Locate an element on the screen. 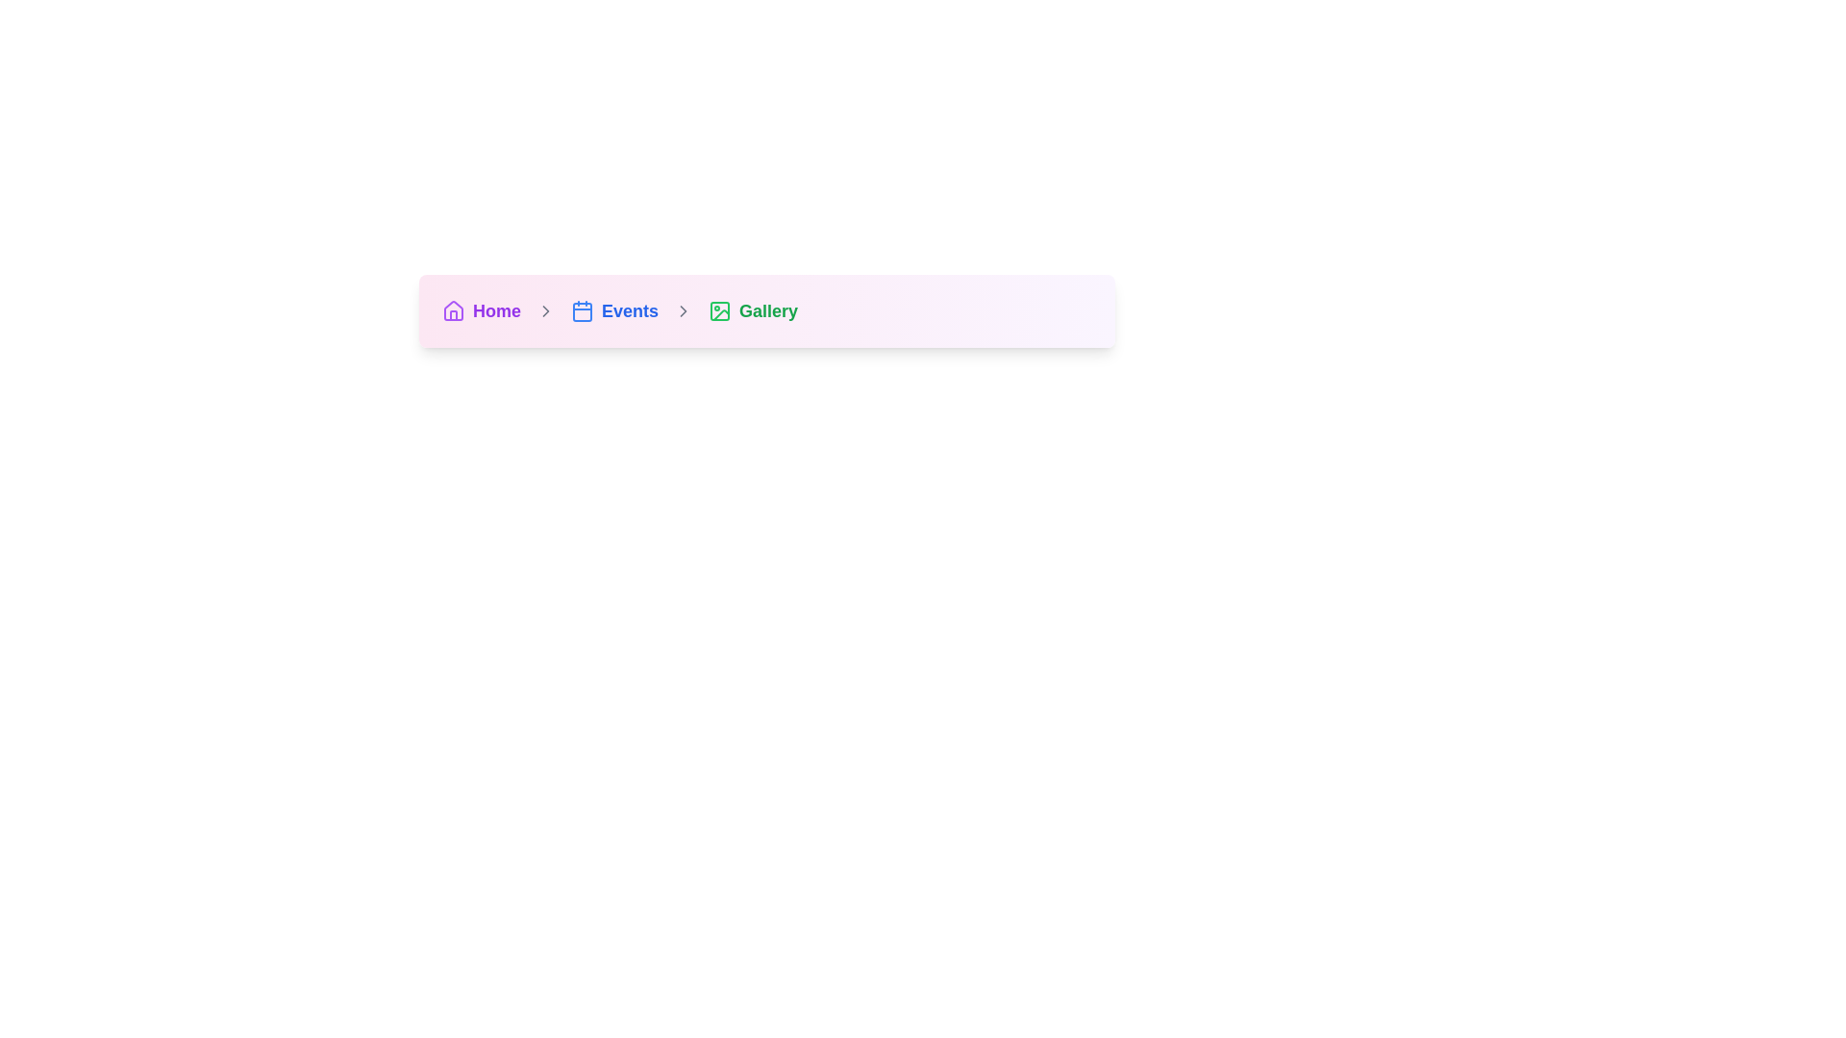  the breadcrumb navigation component is located at coordinates (765, 310).